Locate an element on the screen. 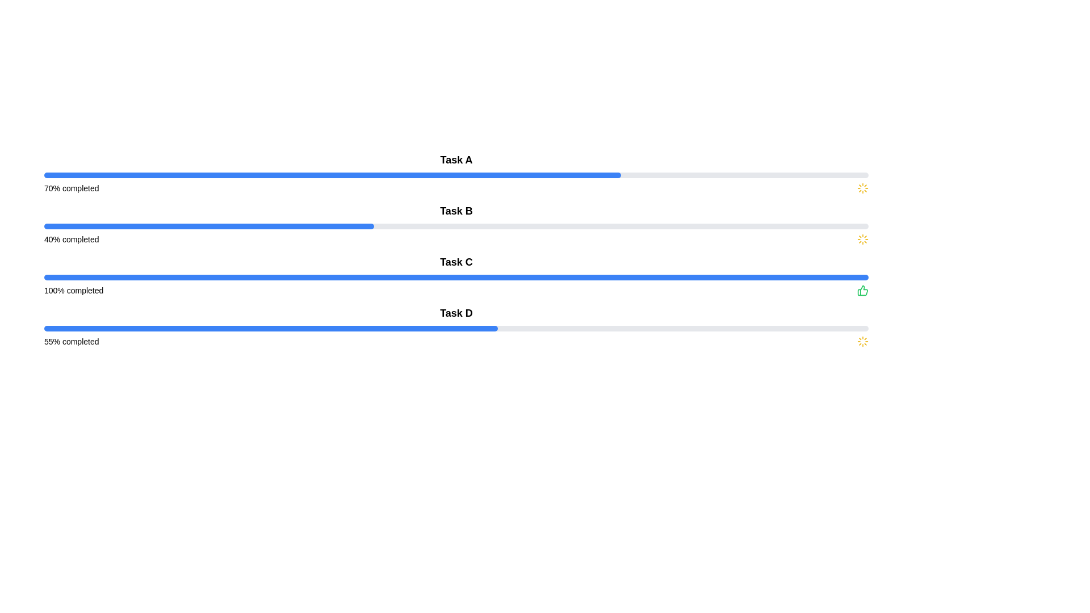  the Text Label that indicates the completion percentage of 'Task B', positioned to the left under the progress bar is located at coordinates (71, 238).